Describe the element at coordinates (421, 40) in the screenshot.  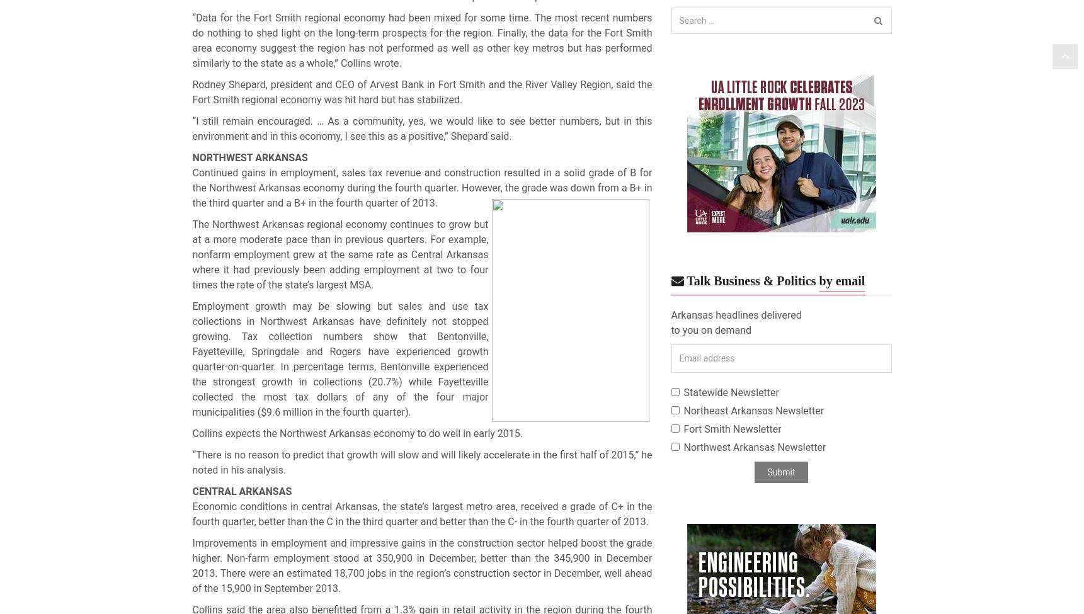
I see `'“Data for the Fort Smith regional economy had been mixed for some time. The most recent numbers do nothing to shed light on the long-term prospects for the region. Finally, the data for the Fort Smith area economy suggest the region has not performed as well as other key metros but has performed similarly to the state as a whole,” Collins wrote.'` at that location.